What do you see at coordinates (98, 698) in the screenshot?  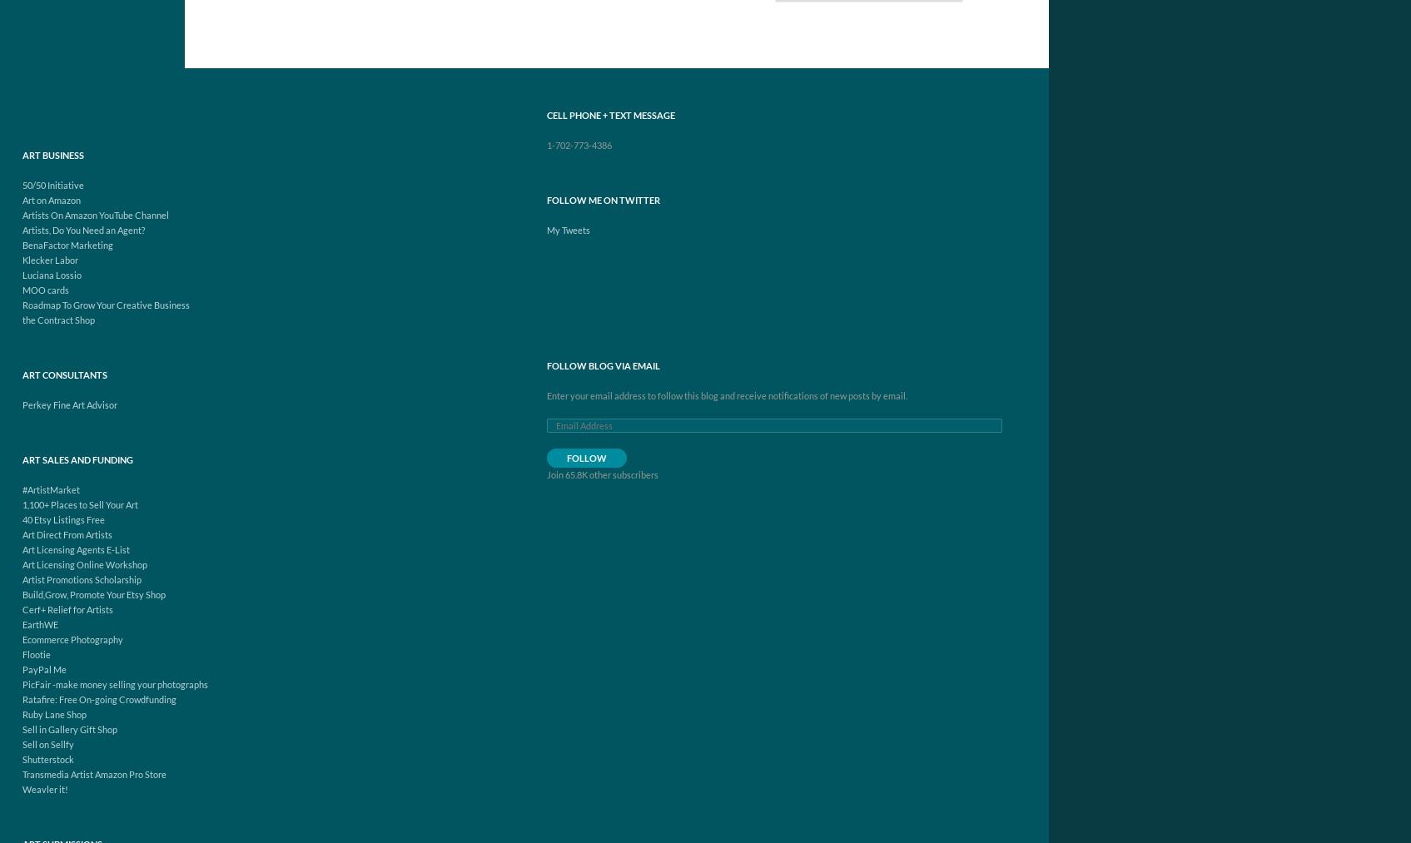 I see `'Ratafire: Free On-going Crowdfunding'` at bounding box center [98, 698].